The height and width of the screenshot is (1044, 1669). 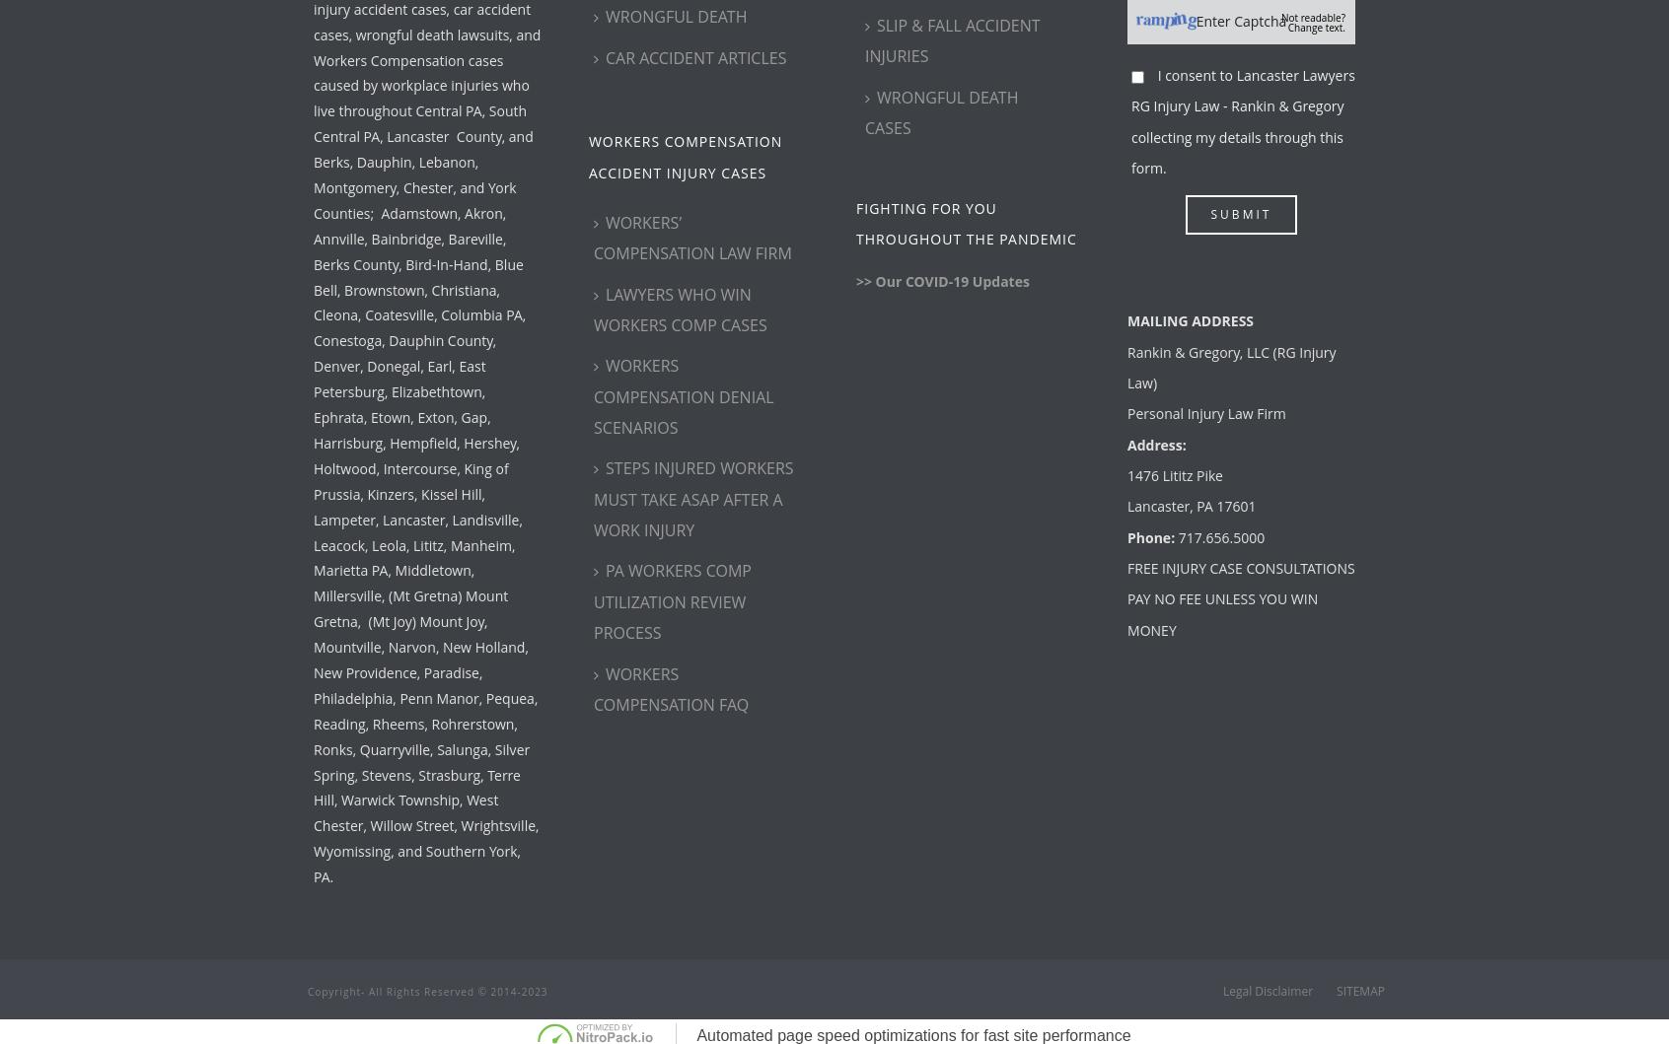 What do you see at coordinates (941, 110) in the screenshot?
I see `'Wrongful Death Cases'` at bounding box center [941, 110].